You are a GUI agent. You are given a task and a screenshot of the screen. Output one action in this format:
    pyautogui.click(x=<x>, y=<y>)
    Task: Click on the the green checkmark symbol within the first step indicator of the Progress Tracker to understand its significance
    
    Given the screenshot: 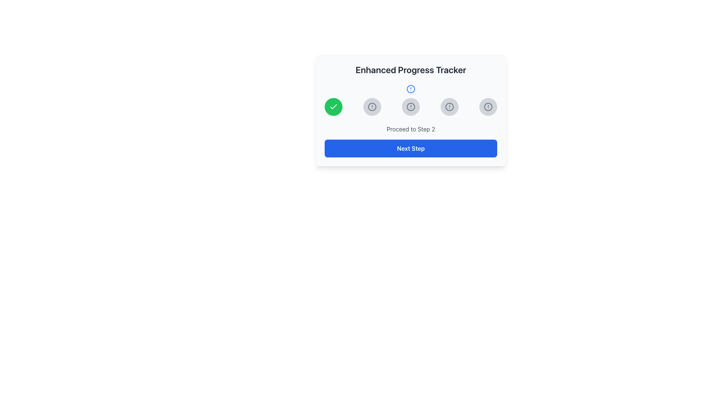 What is the action you would take?
    pyautogui.click(x=333, y=107)
    